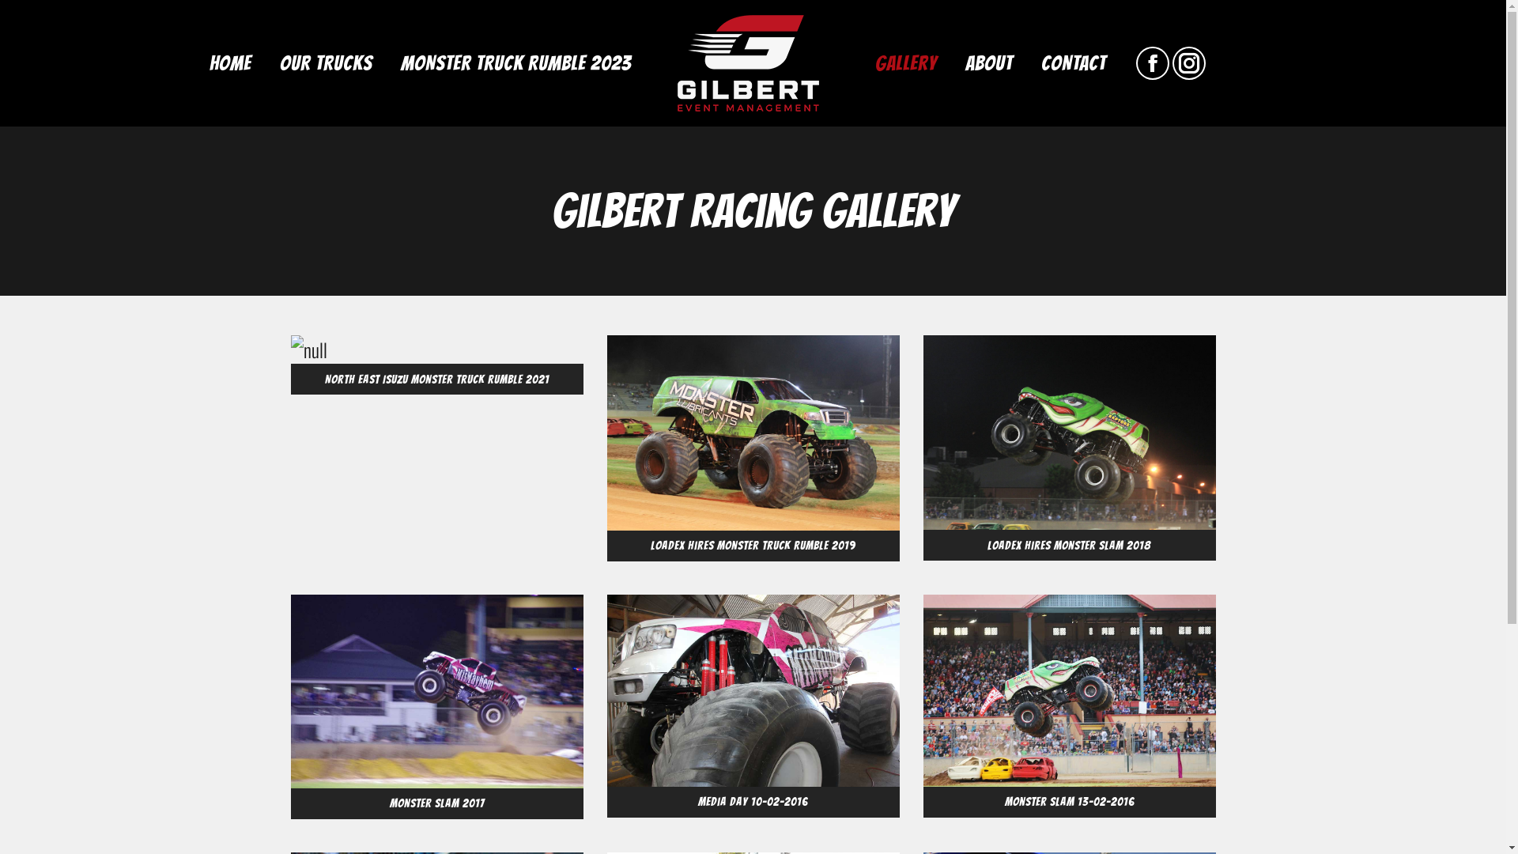  What do you see at coordinates (228, 62) in the screenshot?
I see `'HOME'` at bounding box center [228, 62].